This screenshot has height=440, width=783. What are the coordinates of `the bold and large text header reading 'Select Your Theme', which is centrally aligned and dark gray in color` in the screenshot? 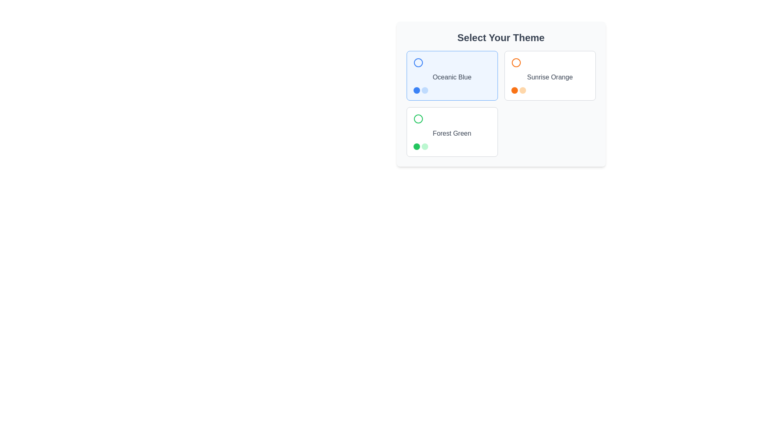 It's located at (500, 37).